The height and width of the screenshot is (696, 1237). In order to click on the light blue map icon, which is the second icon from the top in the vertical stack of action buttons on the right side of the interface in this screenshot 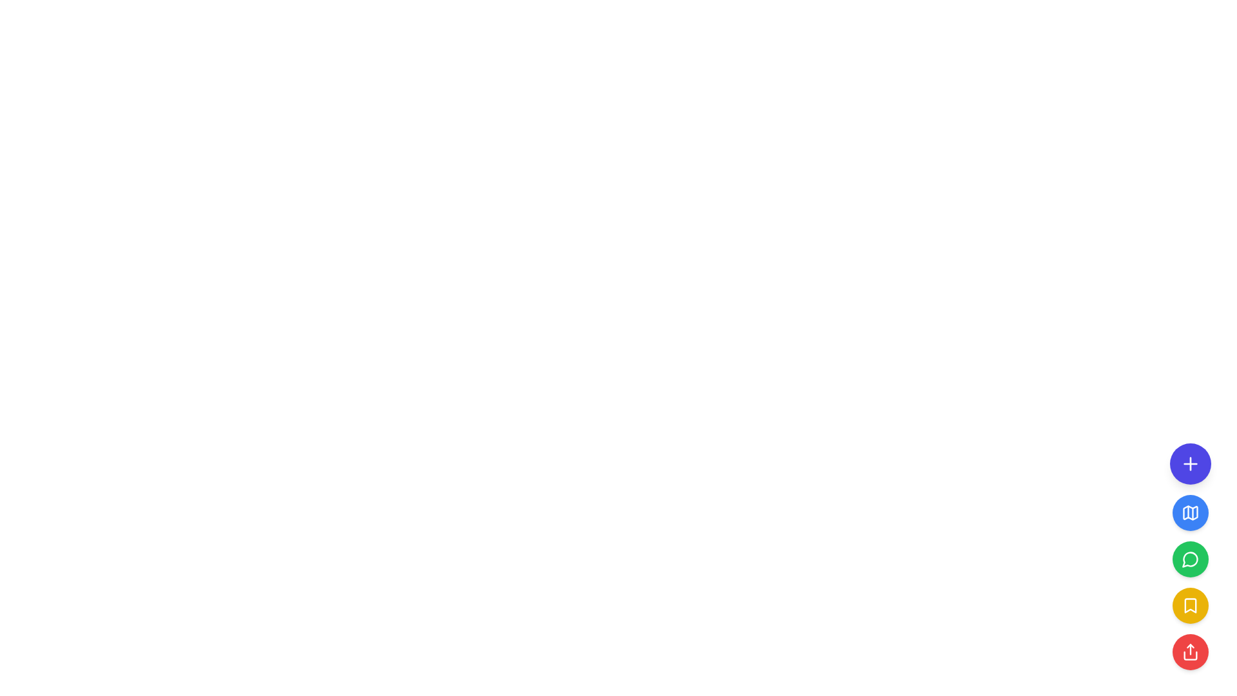, I will do `click(1190, 512)`.